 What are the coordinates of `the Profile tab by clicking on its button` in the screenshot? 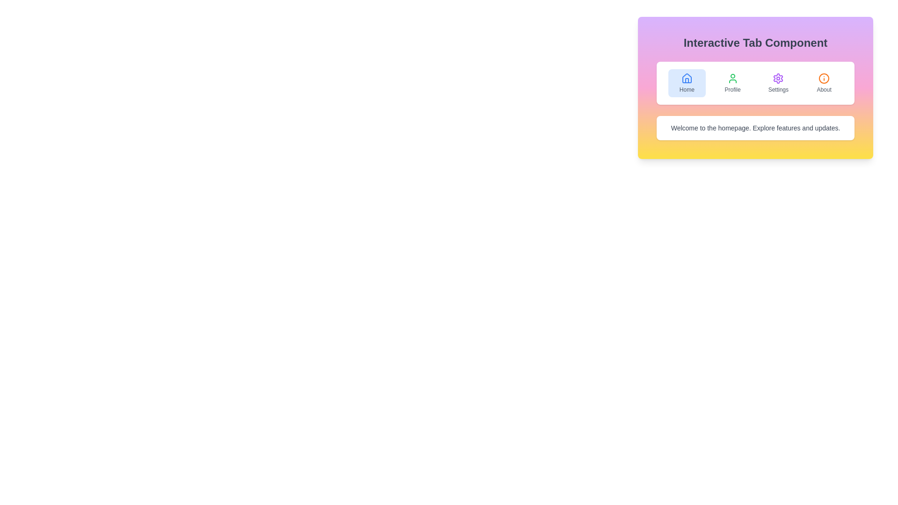 It's located at (732, 82).